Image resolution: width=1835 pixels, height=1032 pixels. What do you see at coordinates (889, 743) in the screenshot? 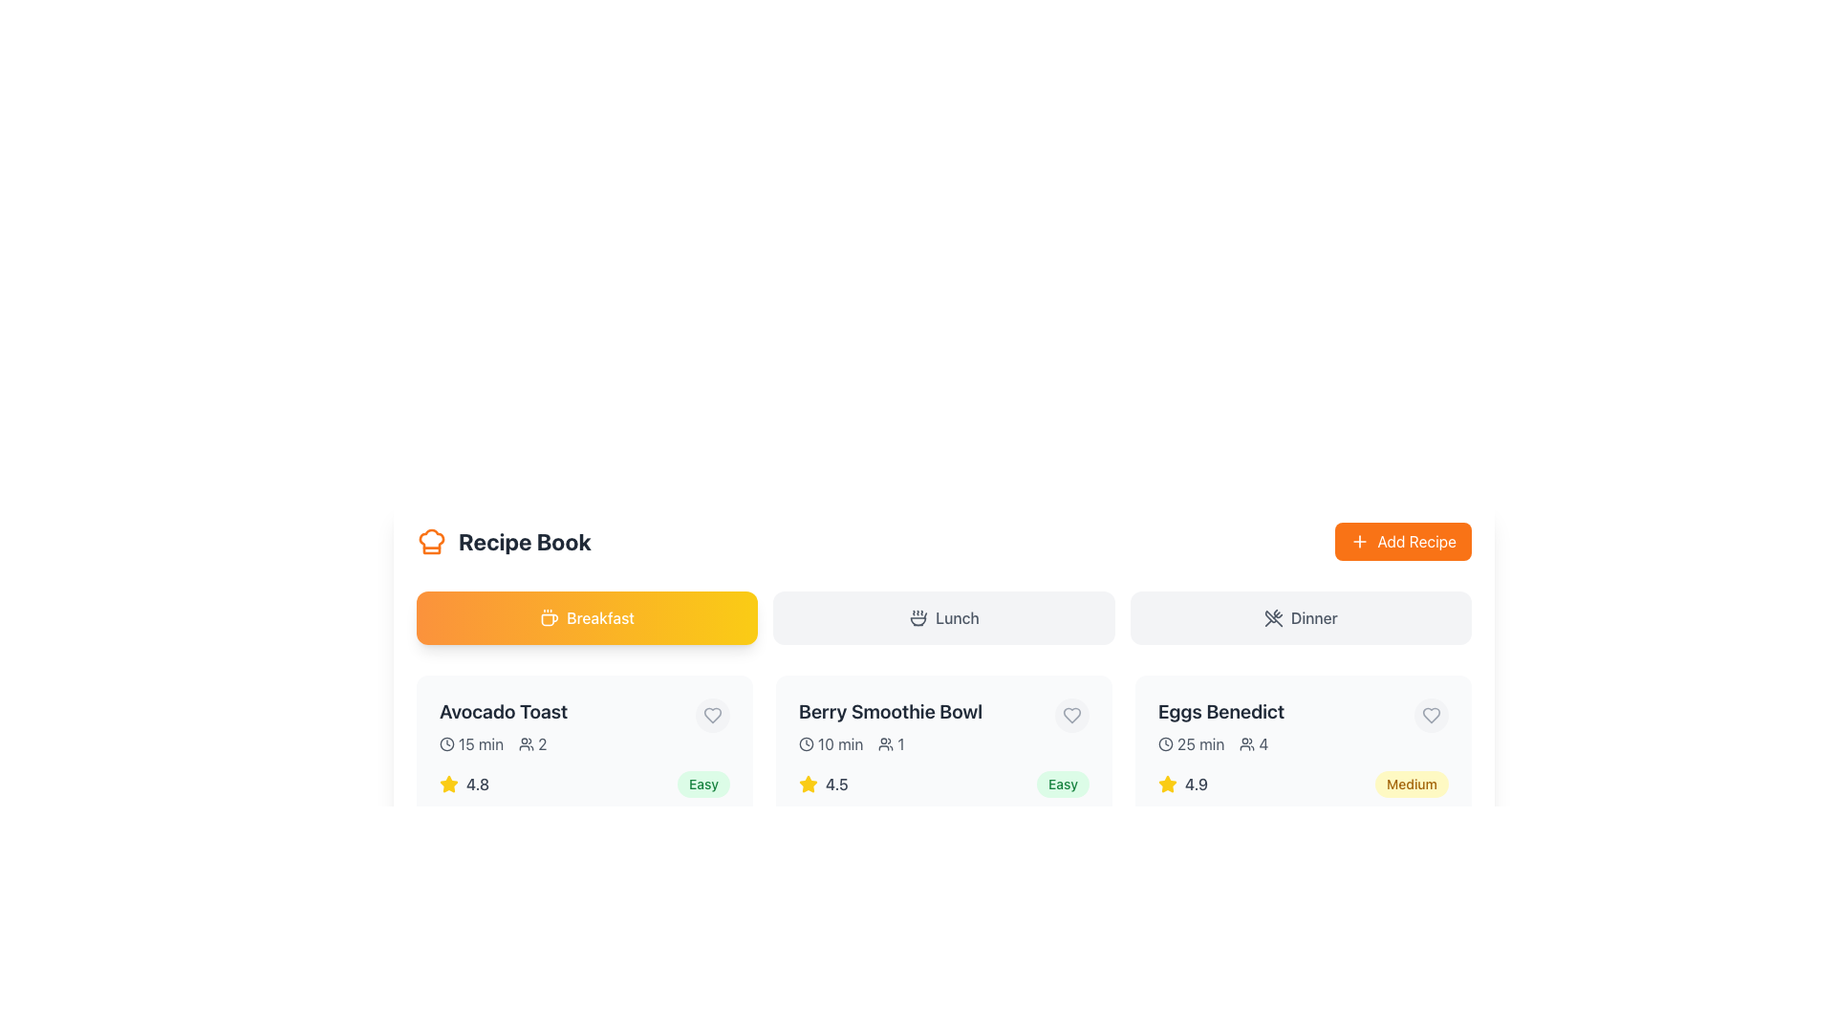
I see `the displayed preparation time and serving size information in the Text and Icon combination located within the 'Berry Smoothie Bowl' card, positioned below the card title and to the left of the star rating` at bounding box center [889, 743].